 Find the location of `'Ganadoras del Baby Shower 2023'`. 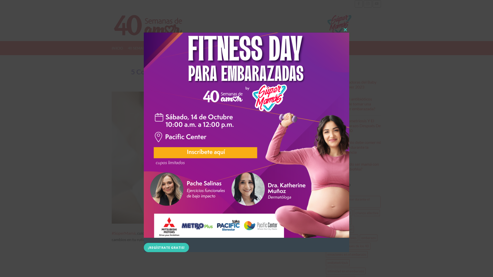

'Ganadoras del Baby Shower 2023' is located at coordinates (361, 84).